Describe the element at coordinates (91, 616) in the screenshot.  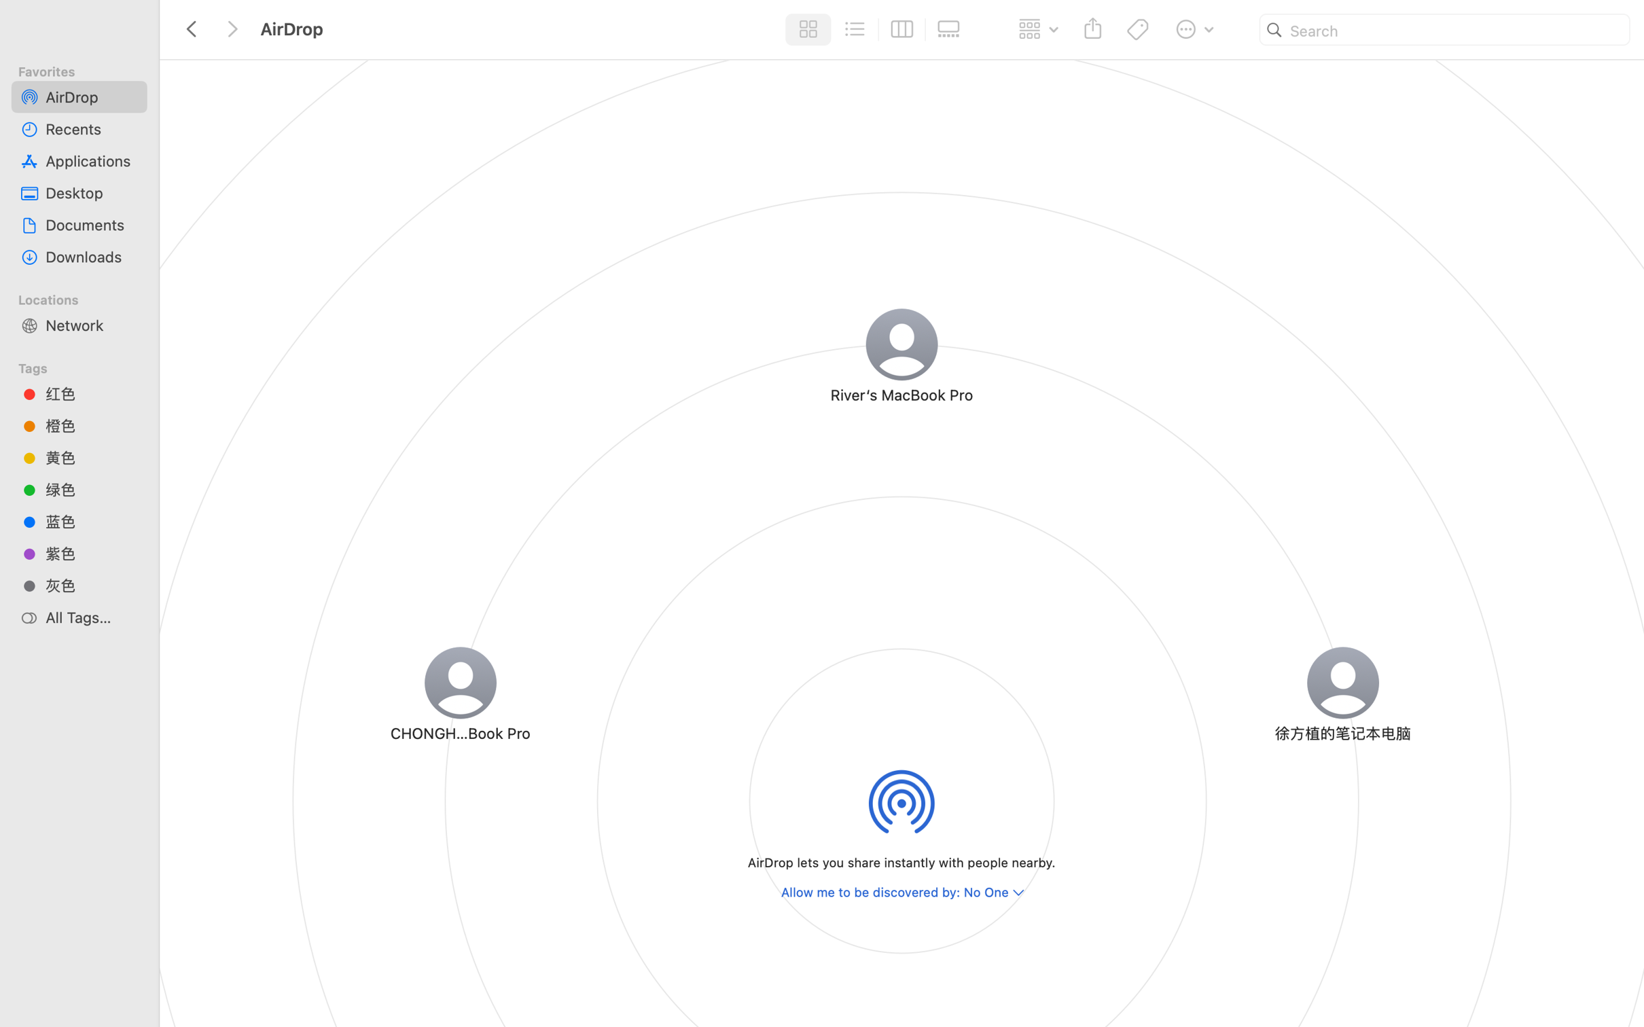
I see `'All Tags…'` at that location.